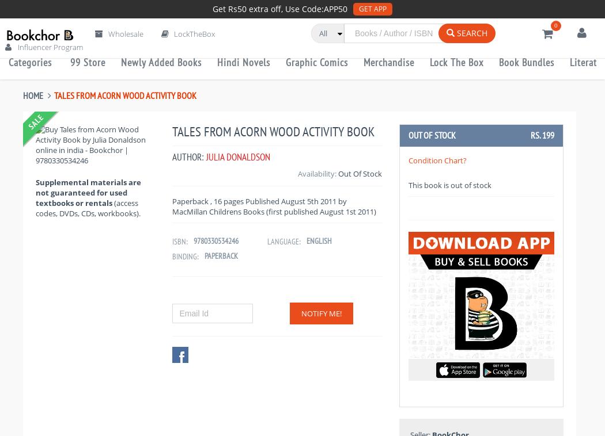 The height and width of the screenshot is (436, 605). What do you see at coordinates (372, 8) in the screenshot?
I see `'GET APP'` at bounding box center [372, 8].